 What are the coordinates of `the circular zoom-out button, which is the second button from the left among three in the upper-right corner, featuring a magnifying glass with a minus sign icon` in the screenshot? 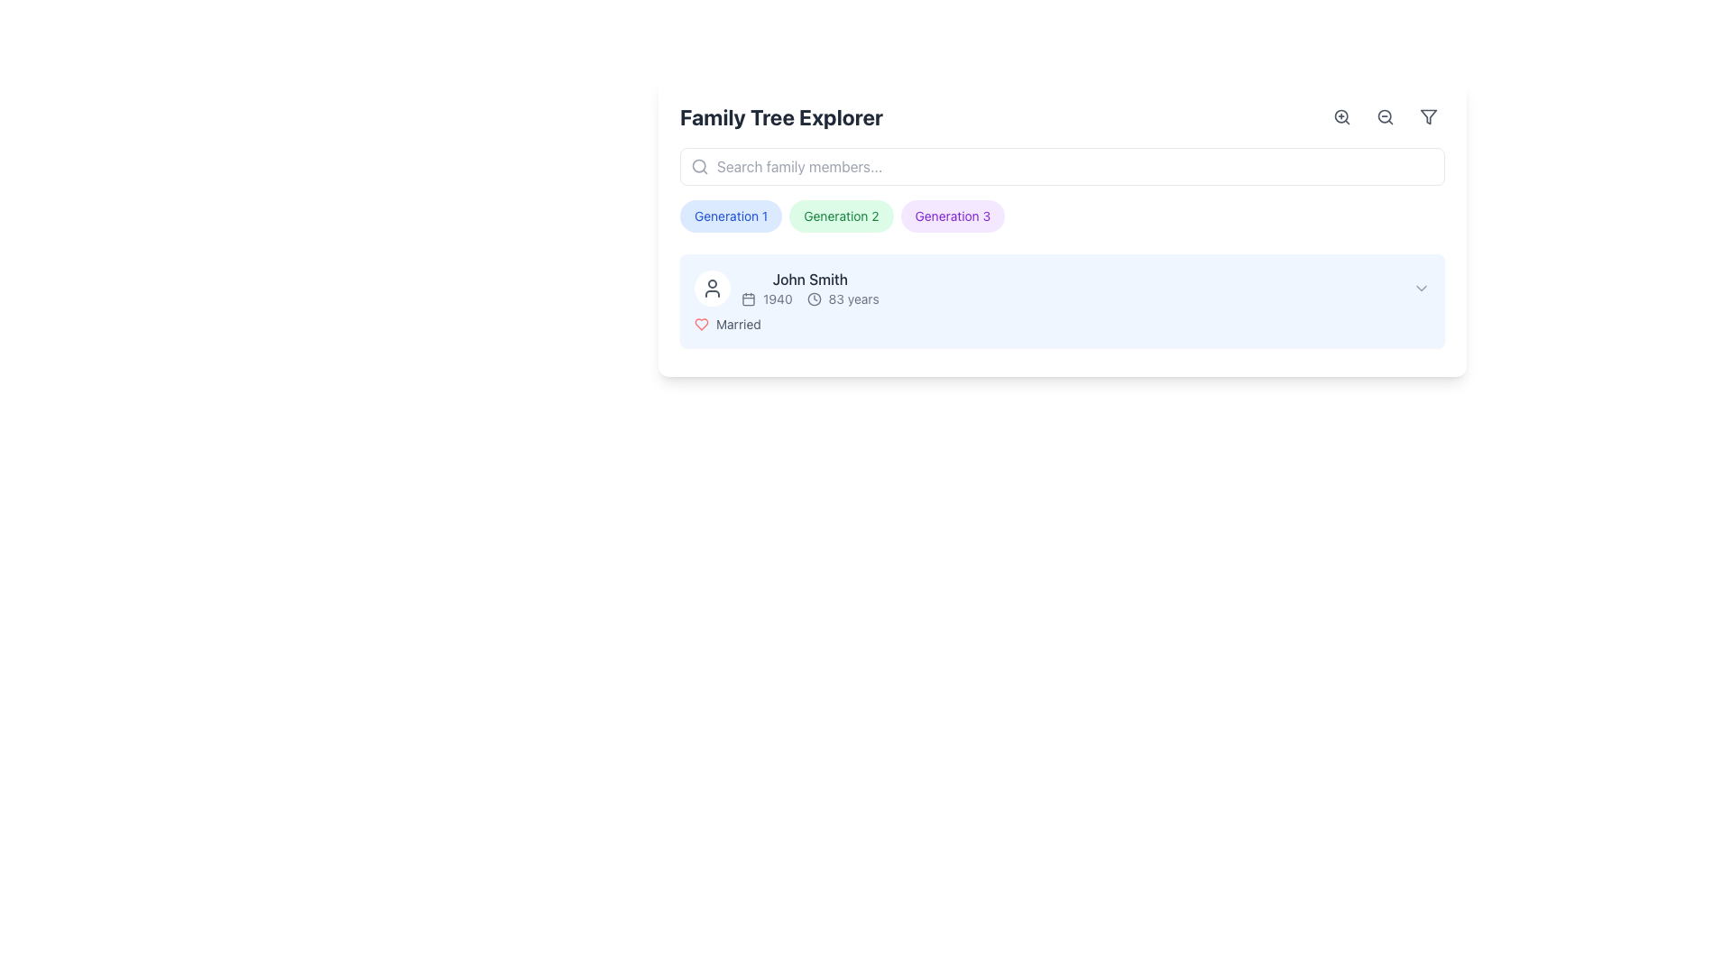 It's located at (1385, 117).